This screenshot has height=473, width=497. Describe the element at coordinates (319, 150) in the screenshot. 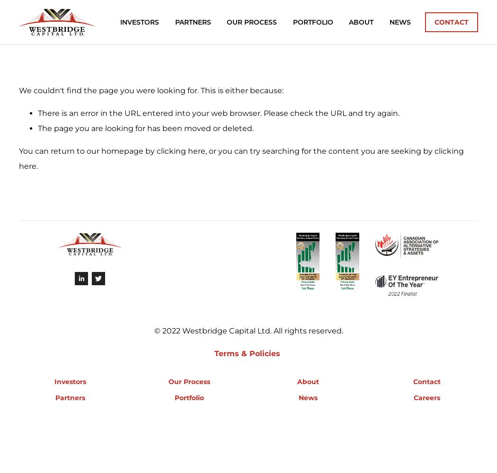

I see `', or you can try searching for the
  content you are seeking by'` at that location.